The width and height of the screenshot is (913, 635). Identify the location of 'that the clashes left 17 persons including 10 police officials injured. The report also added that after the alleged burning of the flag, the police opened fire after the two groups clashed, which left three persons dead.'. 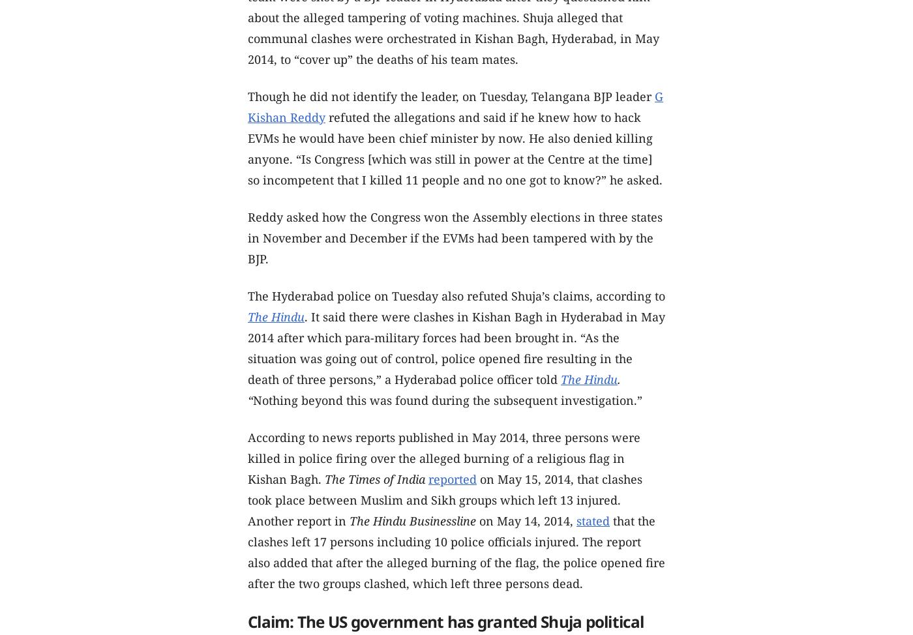
(247, 552).